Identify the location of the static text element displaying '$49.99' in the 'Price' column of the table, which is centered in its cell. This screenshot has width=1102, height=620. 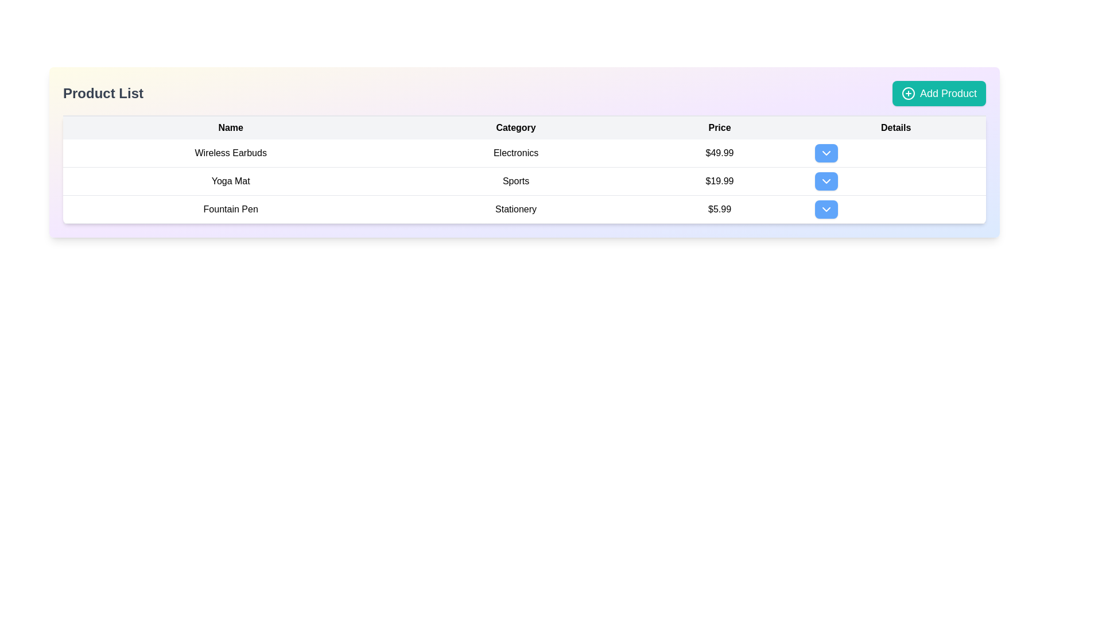
(719, 153).